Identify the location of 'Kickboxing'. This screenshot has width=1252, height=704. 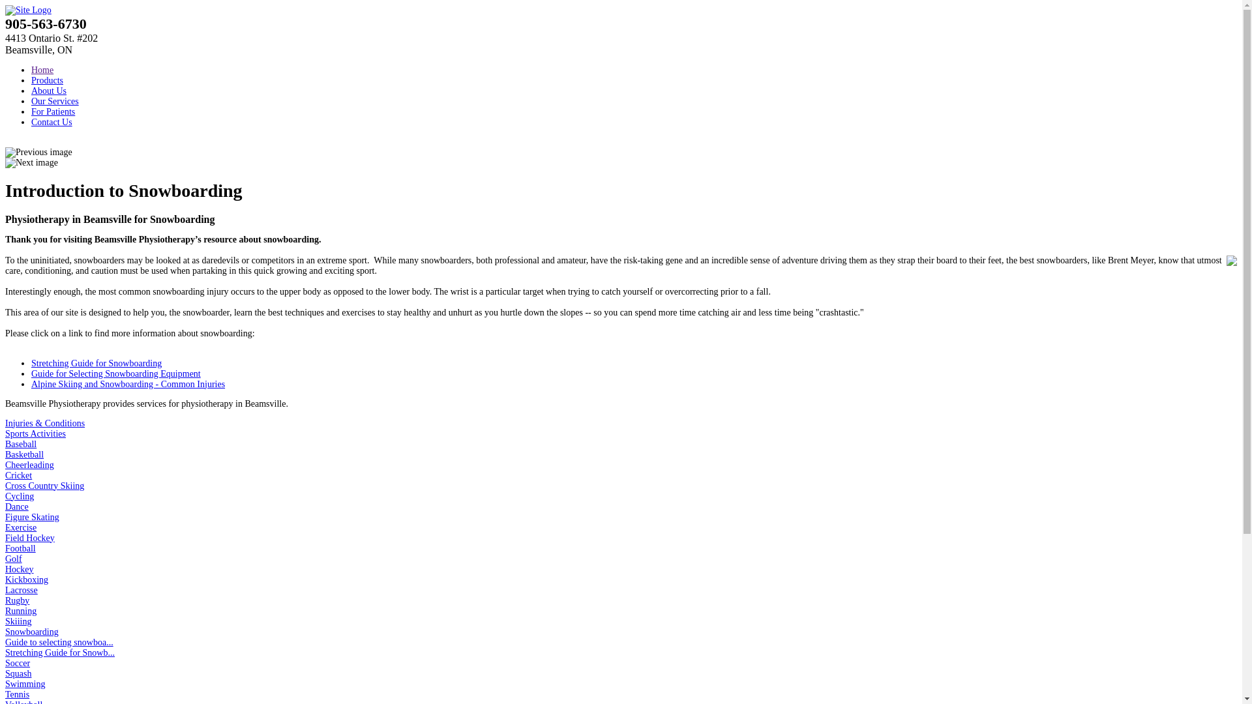
(5, 579).